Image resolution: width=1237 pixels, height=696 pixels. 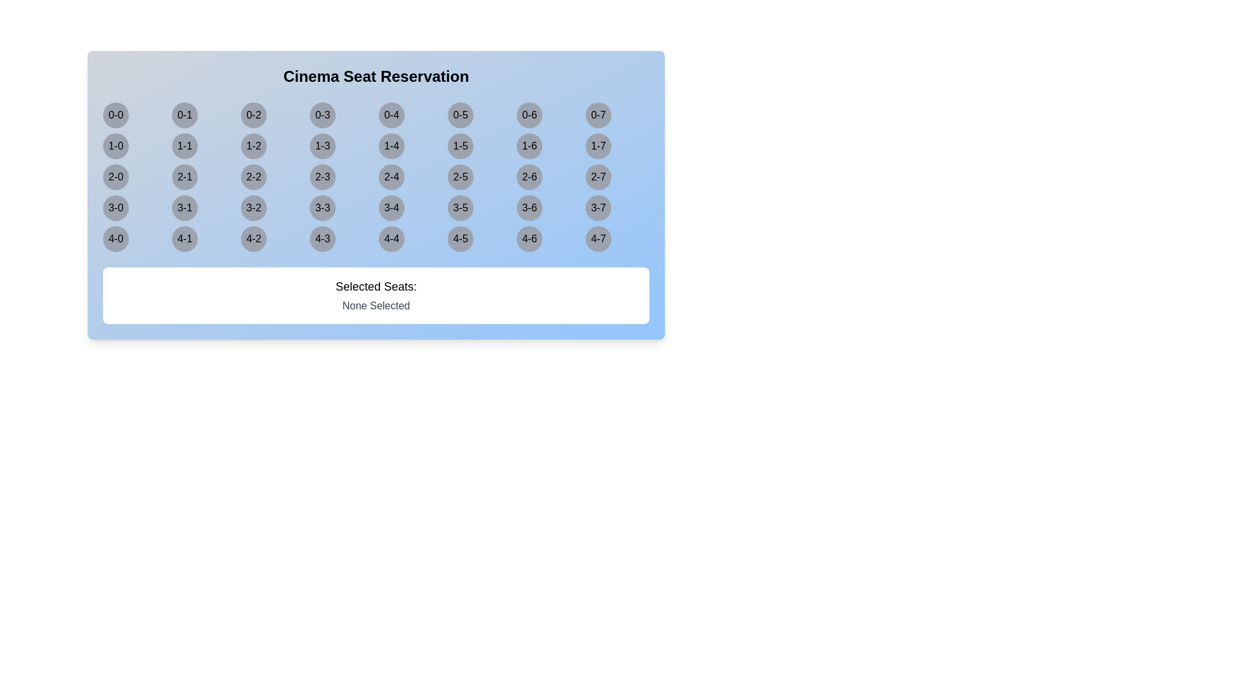 What do you see at coordinates (529, 146) in the screenshot?
I see `the selectable seat button in the cinema seat reservation interface located in the second row and seventh column` at bounding box center [529, 146].